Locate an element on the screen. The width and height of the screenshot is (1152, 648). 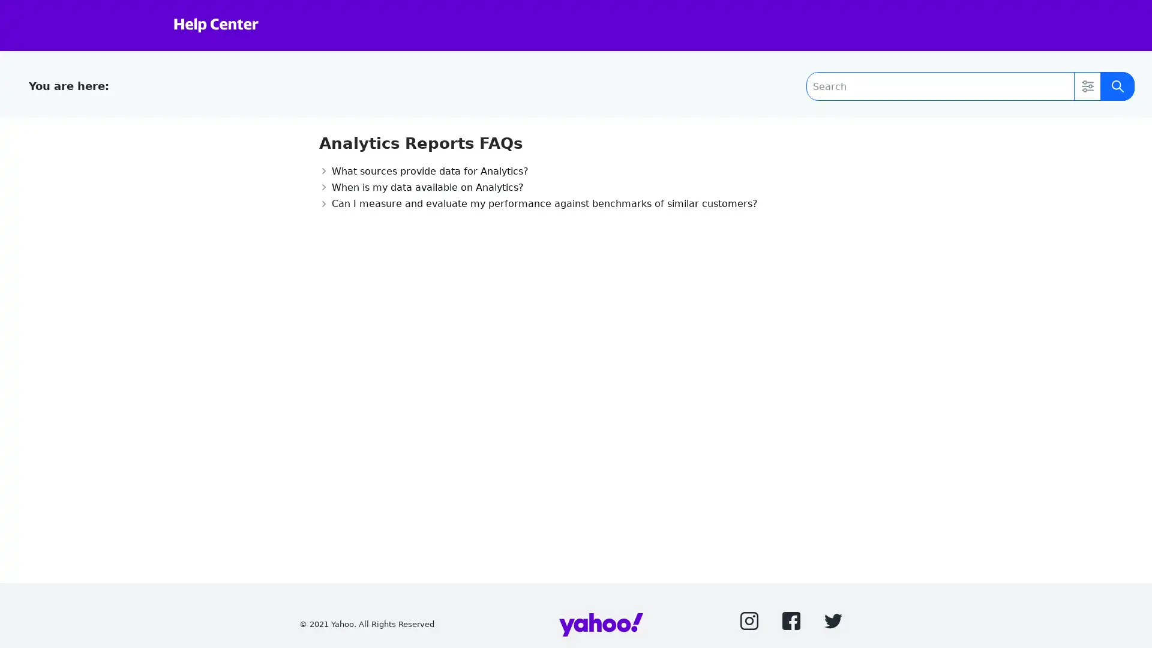
Submit Search is located at coordinates (1117, 85).